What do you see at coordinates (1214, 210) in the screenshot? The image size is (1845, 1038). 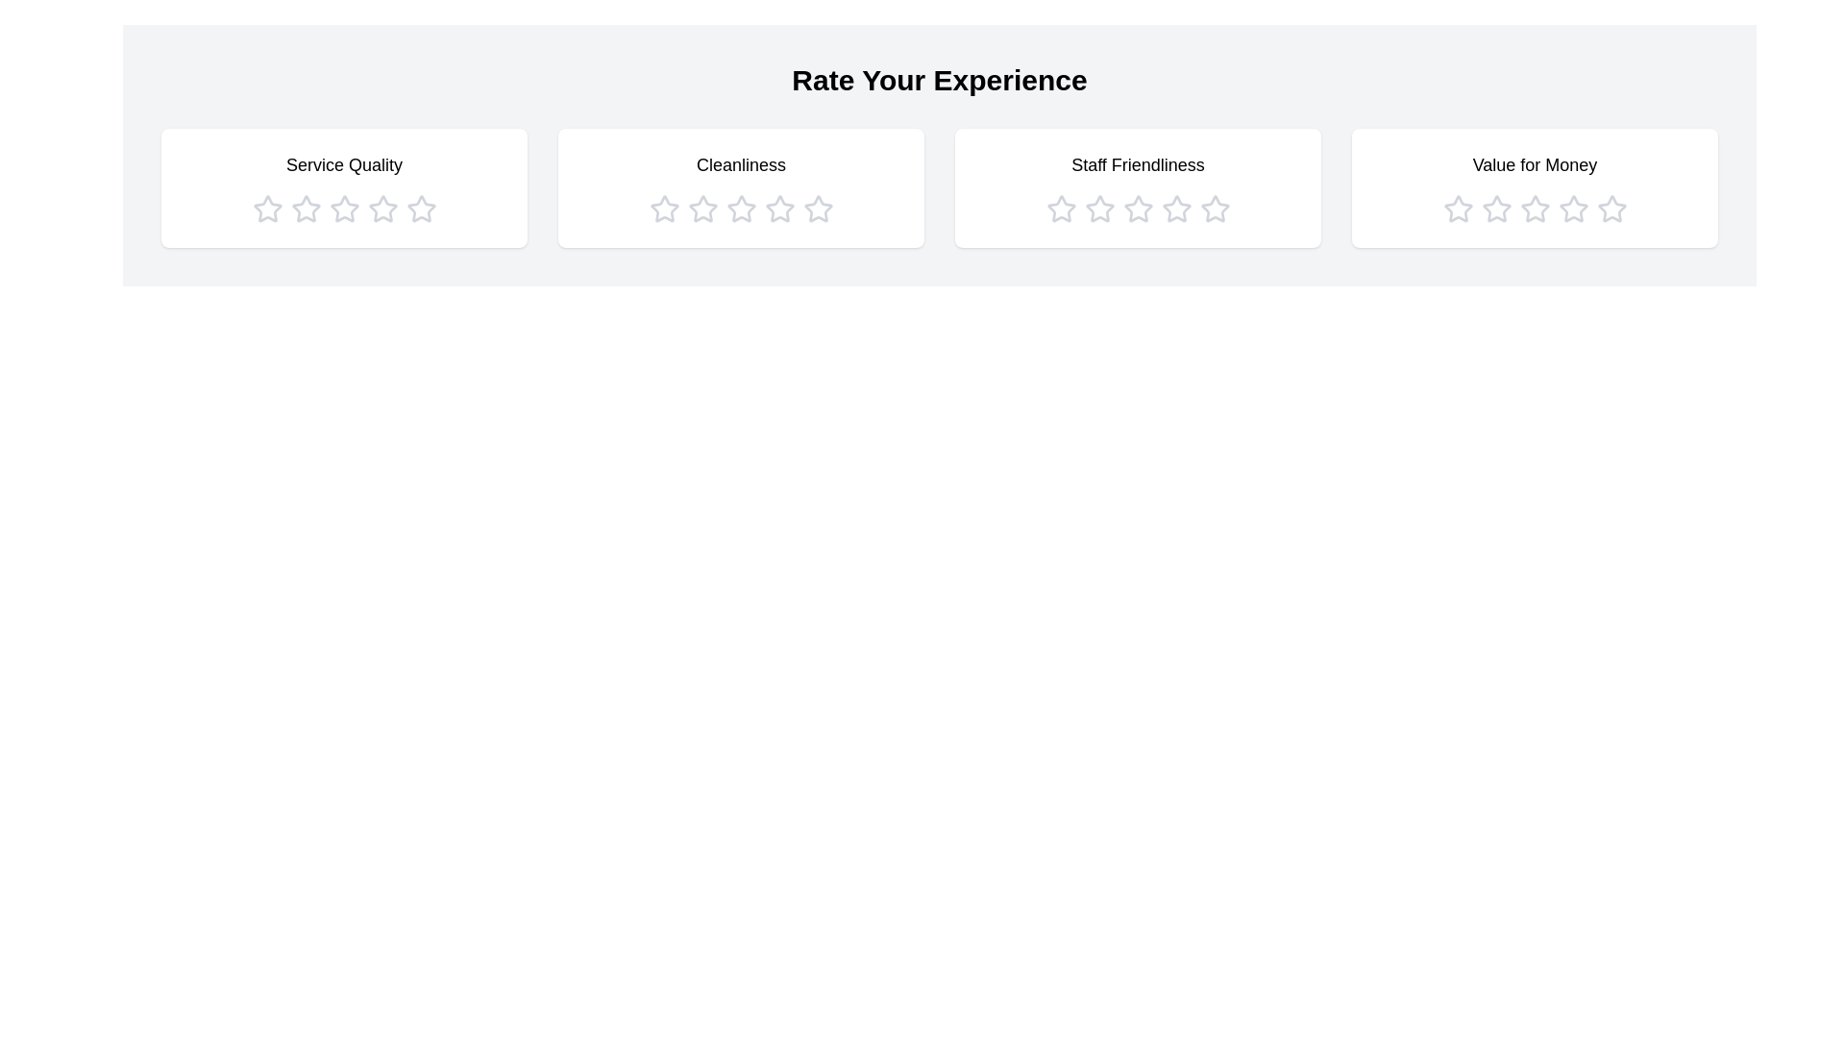 I see `the star icon corresponding to 5 stars in the category Staff Friendliness` at bounding box center [1214, 210].